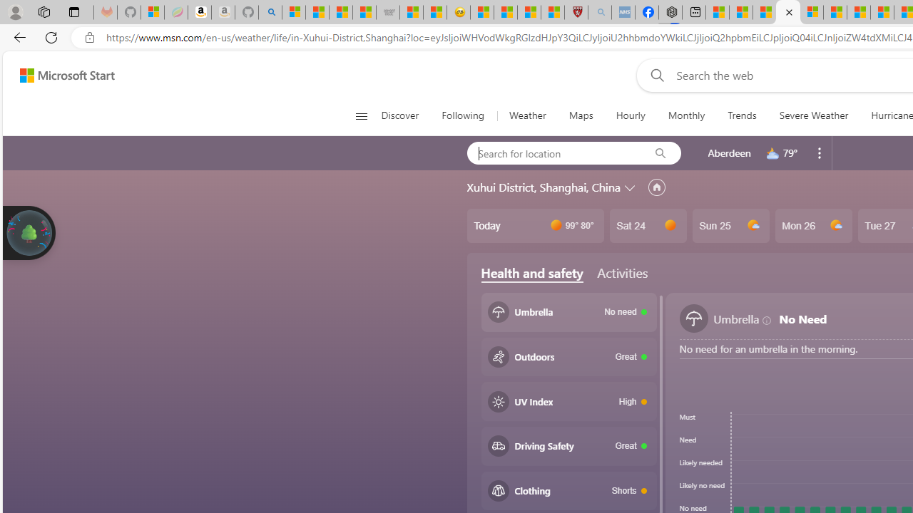 The width and height of the screenshot is (913, 513). Describe the element at coordinates (814, 115) in the screenshot. I see `'Severe Weather'` at that location.